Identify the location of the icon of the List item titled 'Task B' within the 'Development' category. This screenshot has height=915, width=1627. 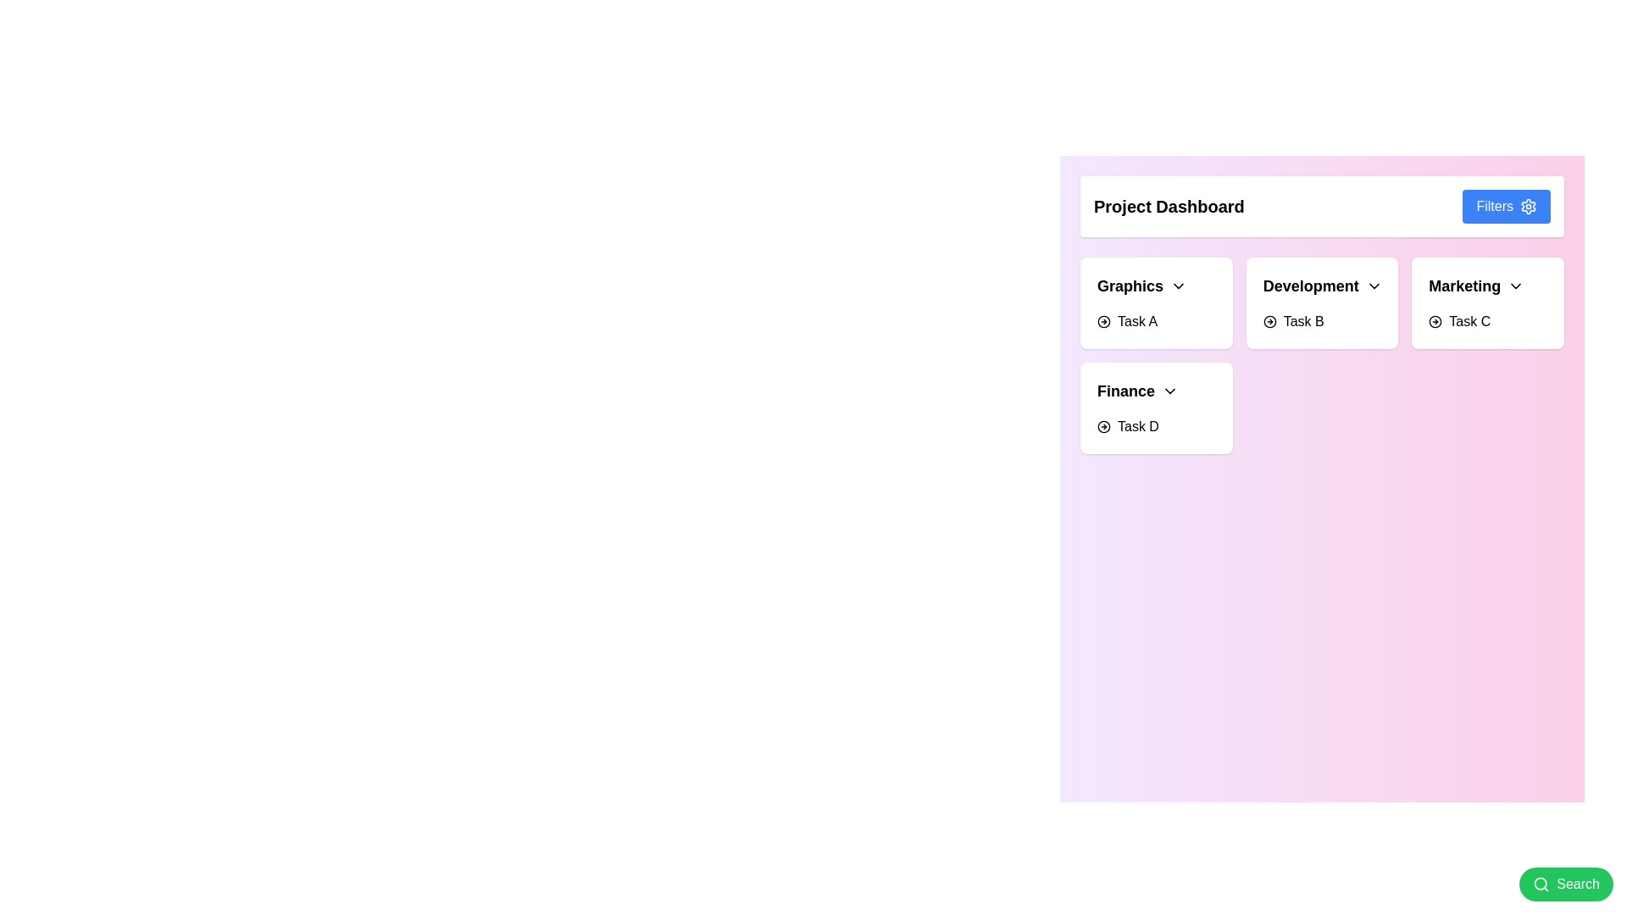
(1292, 322).